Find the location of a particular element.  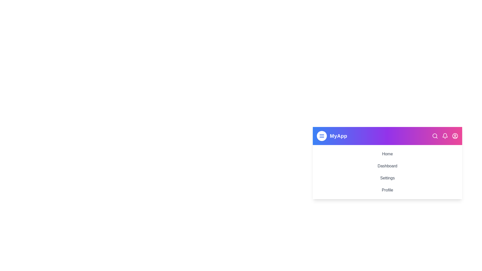

the menu item Settings to navigate is located at coordinates (387, 178).